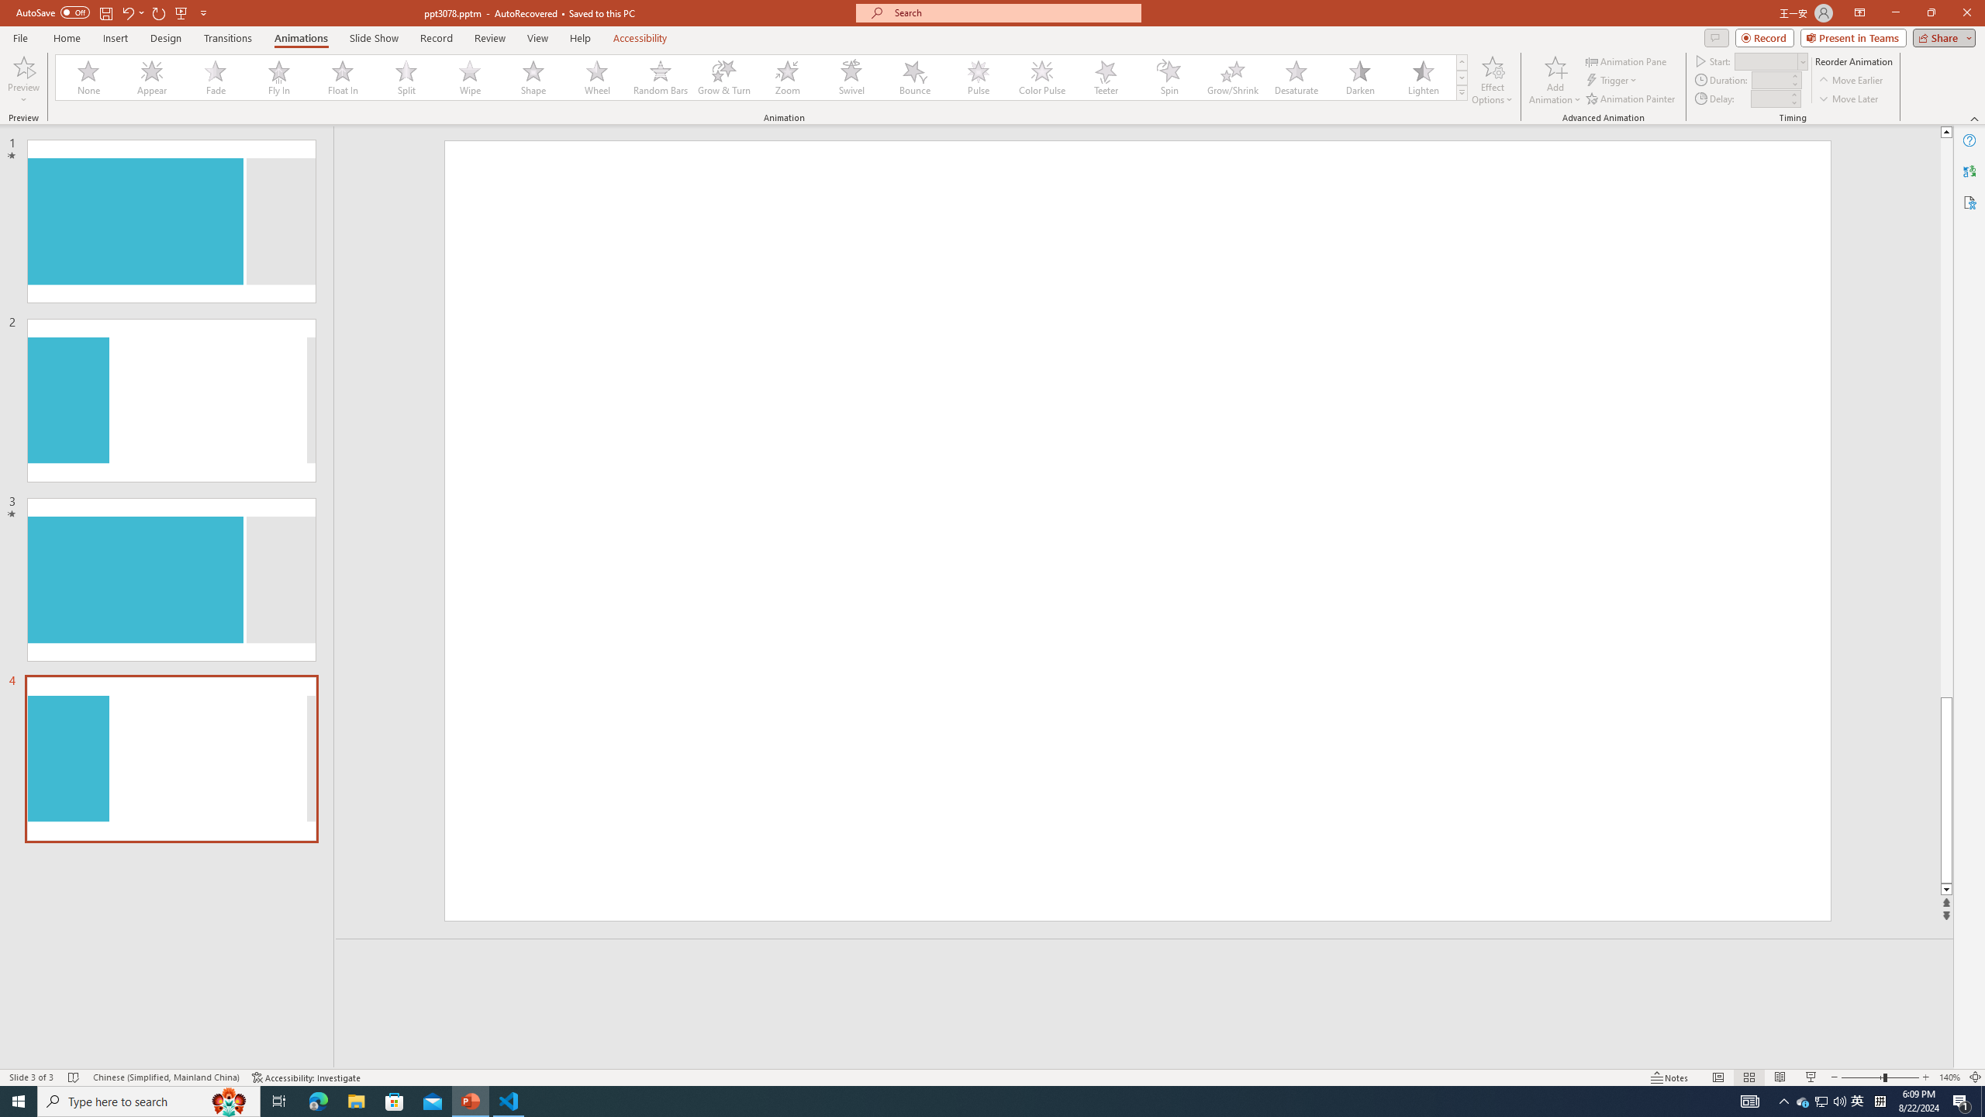 The image size is (1985, 1117). What do you see at coordinates (1461, 92) in the screenshot?
I see `'Animation Styles'` at bounding box center [1461, 92].